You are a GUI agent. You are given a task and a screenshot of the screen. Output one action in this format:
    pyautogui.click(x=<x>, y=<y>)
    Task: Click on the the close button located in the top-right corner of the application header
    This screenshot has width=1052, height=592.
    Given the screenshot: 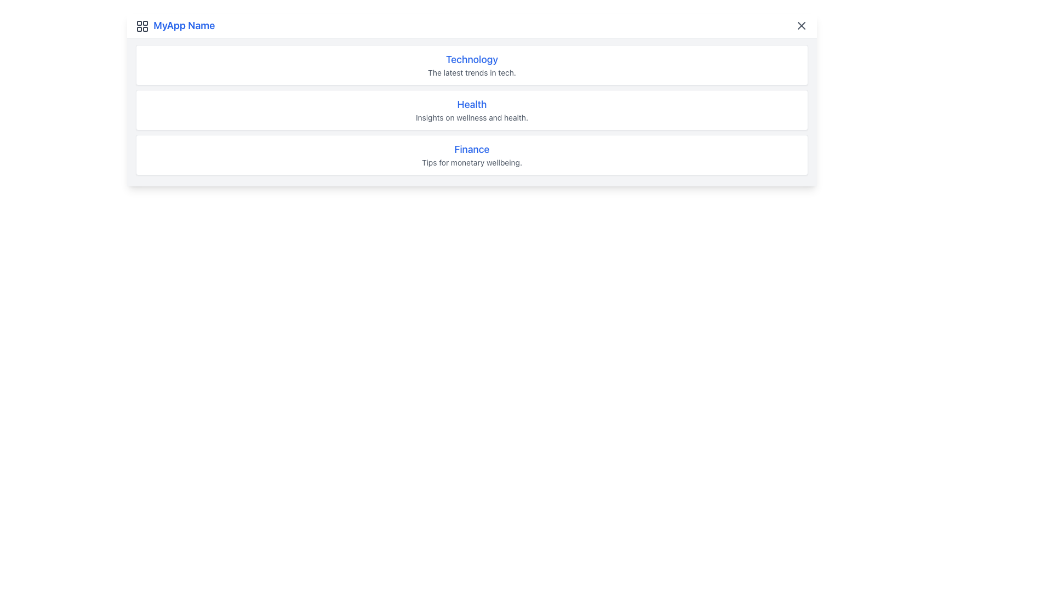 What is the action you would take?
    pyautogui.click(x=802, y=25)
    